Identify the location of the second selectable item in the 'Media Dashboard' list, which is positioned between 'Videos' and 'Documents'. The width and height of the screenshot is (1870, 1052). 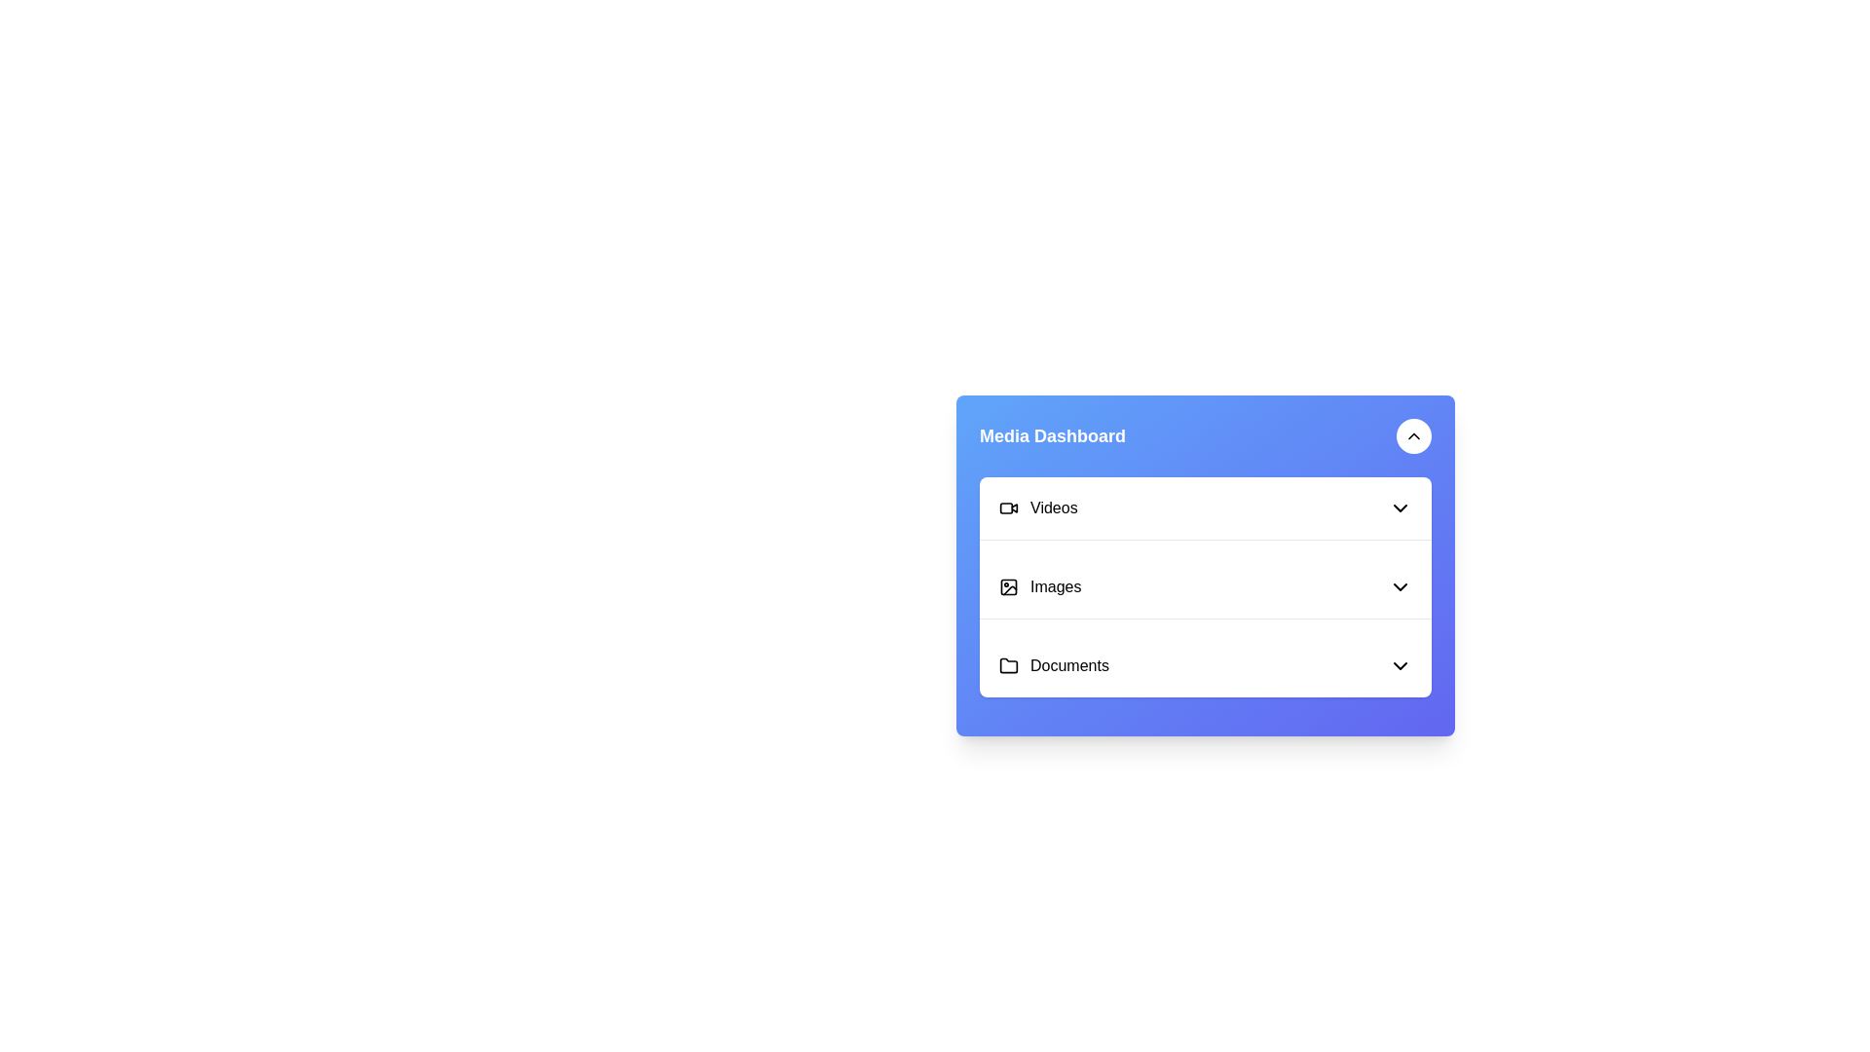
(1205, 585).